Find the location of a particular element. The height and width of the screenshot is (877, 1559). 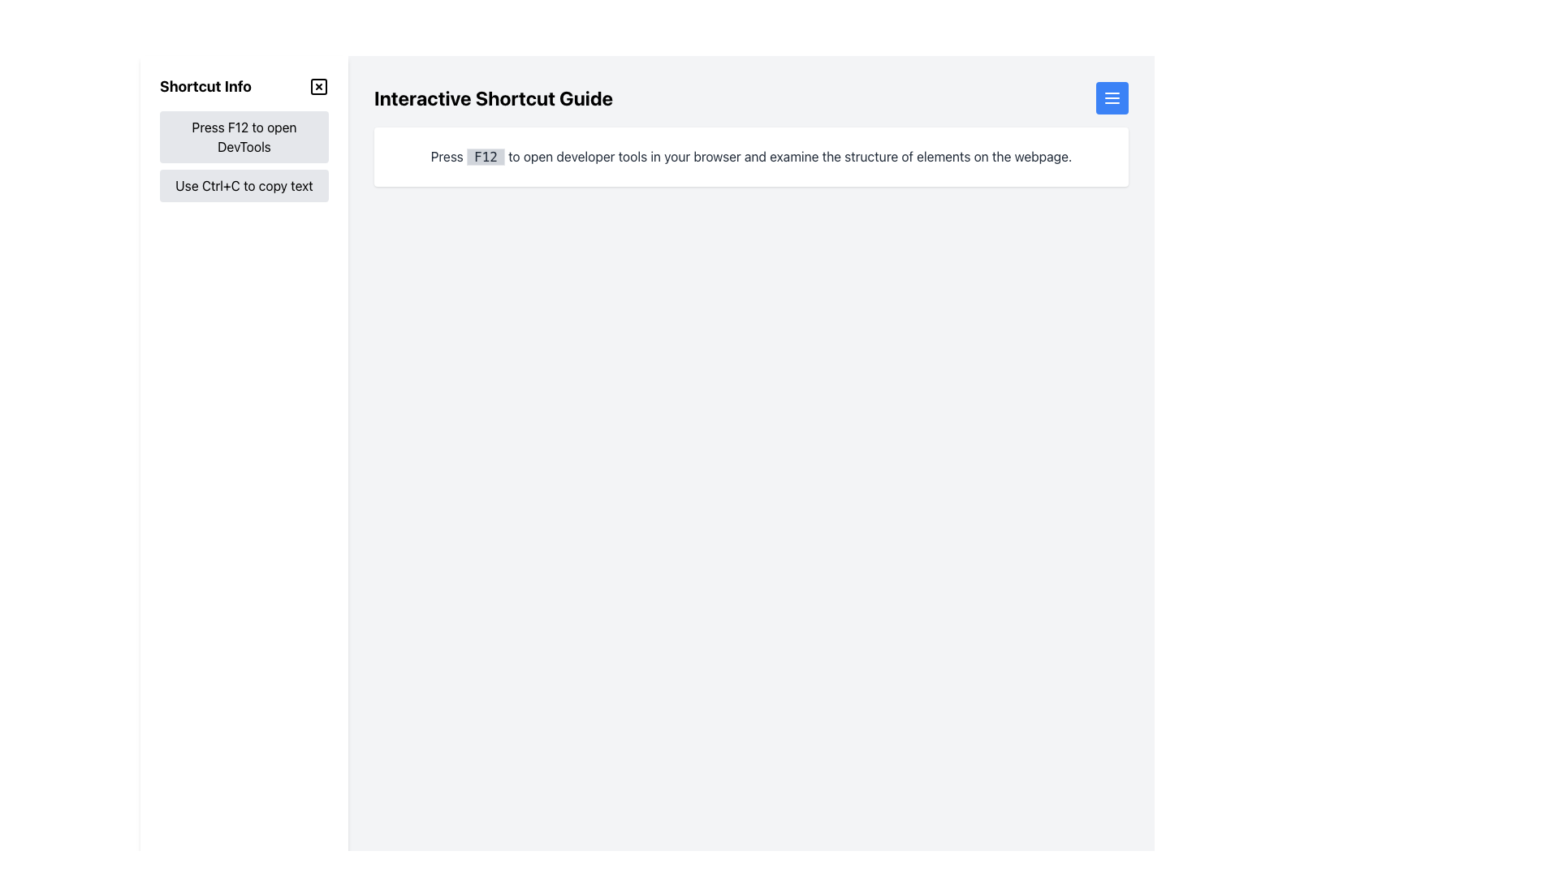

the styled label representing the 'F12' key within the directive 'Press F12 is located at coordinates (485, 157).